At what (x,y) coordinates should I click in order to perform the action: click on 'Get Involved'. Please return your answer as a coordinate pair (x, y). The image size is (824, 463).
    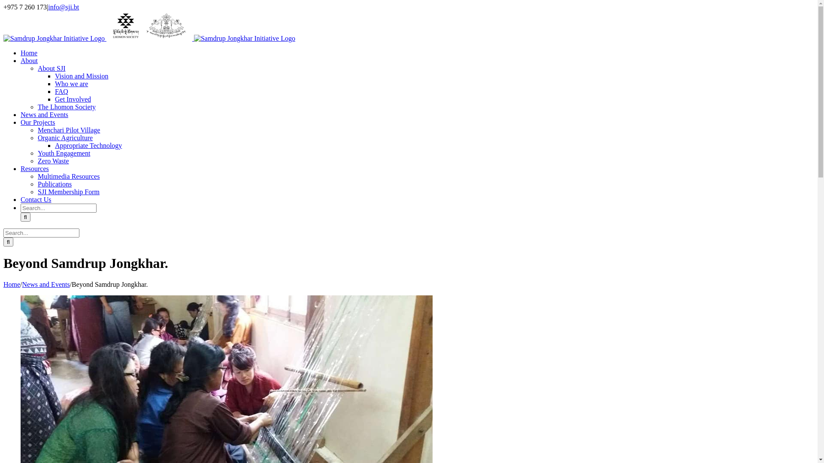
    Looking at the image, I should click on (55, 99).